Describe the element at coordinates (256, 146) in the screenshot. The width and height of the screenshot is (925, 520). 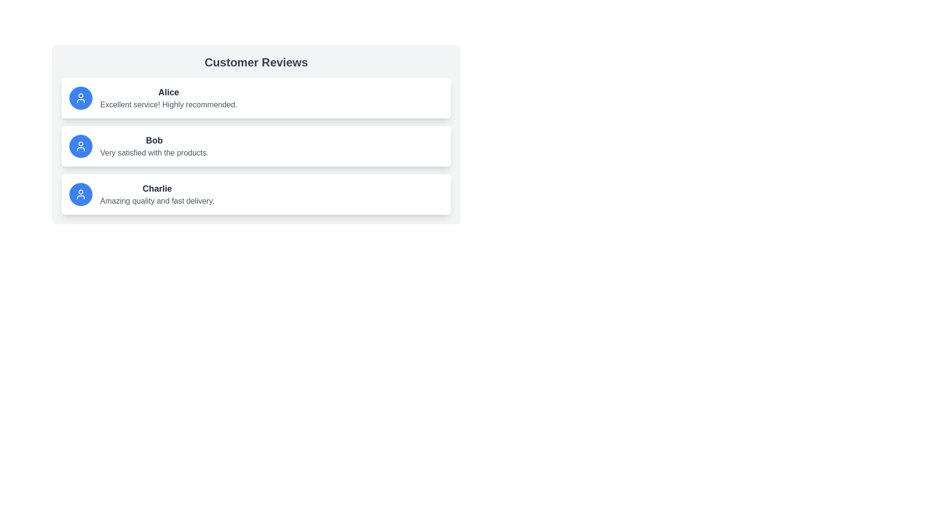
I see `the second review card in the 'Customer Reviews' section, which displays feedback from user Bob` at that location.